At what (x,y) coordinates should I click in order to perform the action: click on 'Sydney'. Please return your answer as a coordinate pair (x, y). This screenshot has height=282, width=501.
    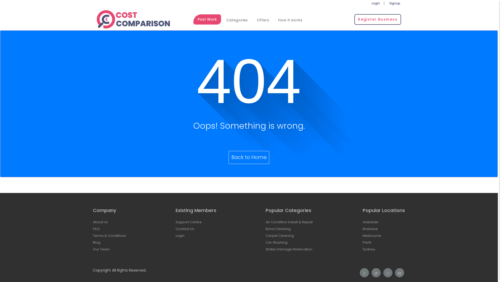
    Looking at the image, I should click on (362, 249).